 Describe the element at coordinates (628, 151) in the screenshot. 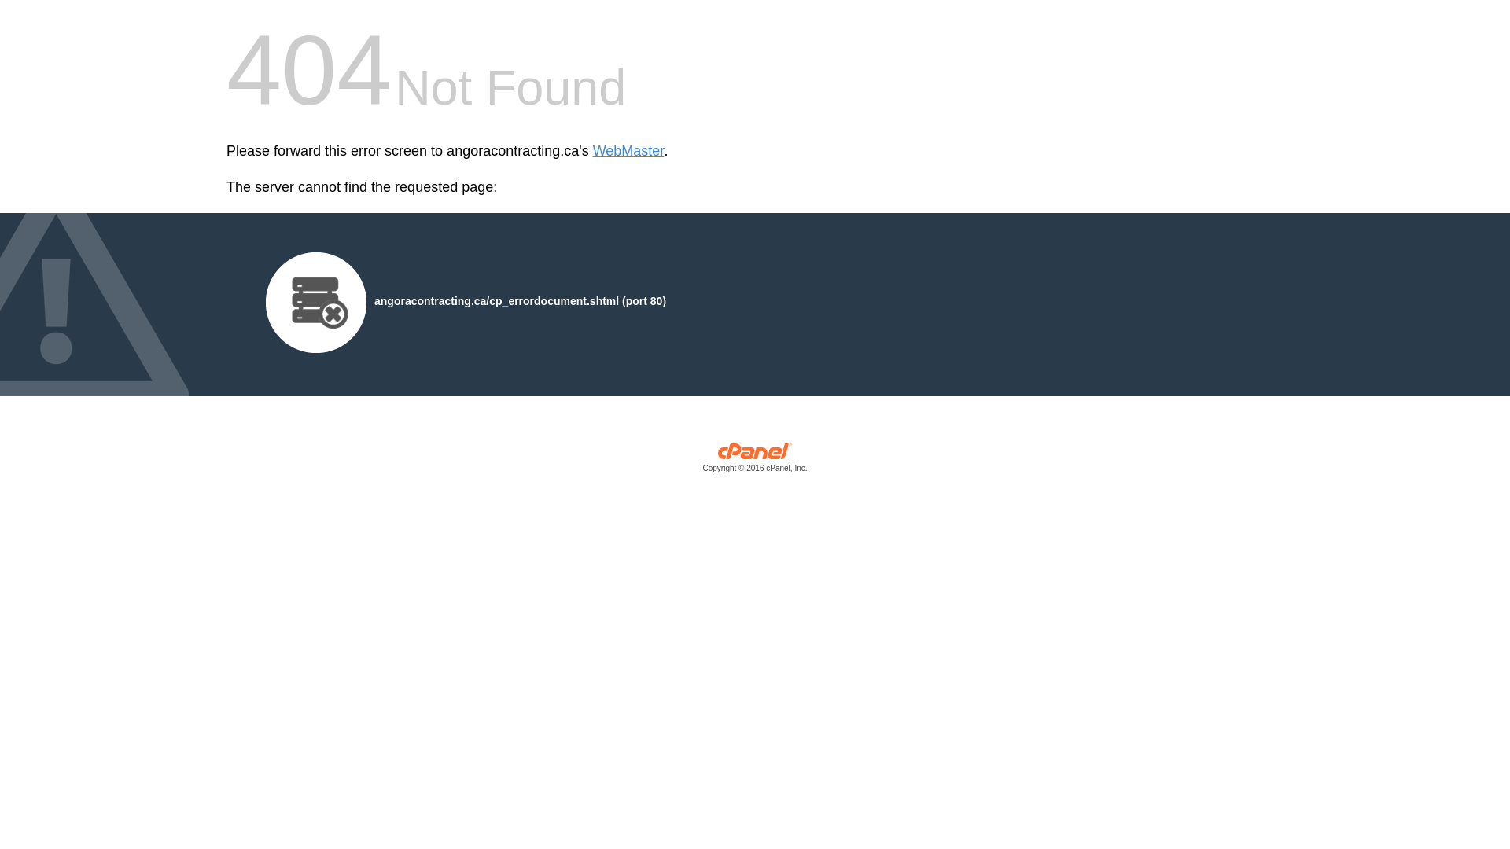

I see `'WebMaster'` at that location.